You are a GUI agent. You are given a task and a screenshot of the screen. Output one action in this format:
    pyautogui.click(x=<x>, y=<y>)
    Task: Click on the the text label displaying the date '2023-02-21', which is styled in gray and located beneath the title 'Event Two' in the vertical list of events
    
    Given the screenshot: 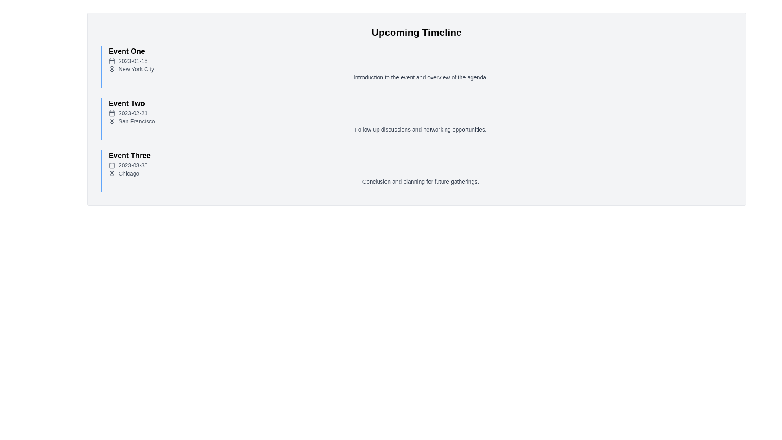 What is the action you would take?
    pyautogui.click(x=133, y=113)
    